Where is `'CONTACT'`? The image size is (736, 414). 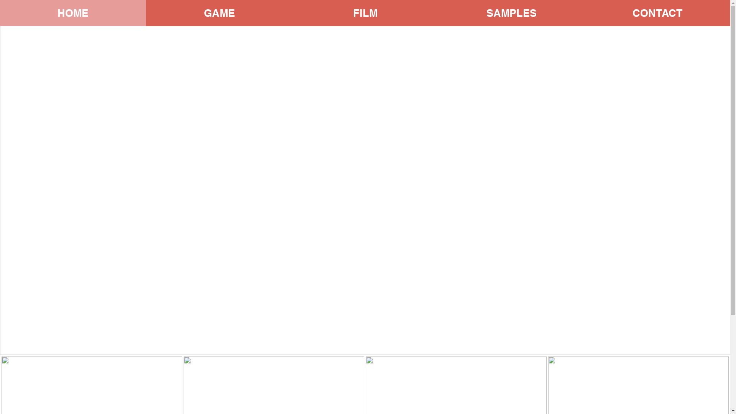 'CONTACT' is located at coordinates (657, 13).